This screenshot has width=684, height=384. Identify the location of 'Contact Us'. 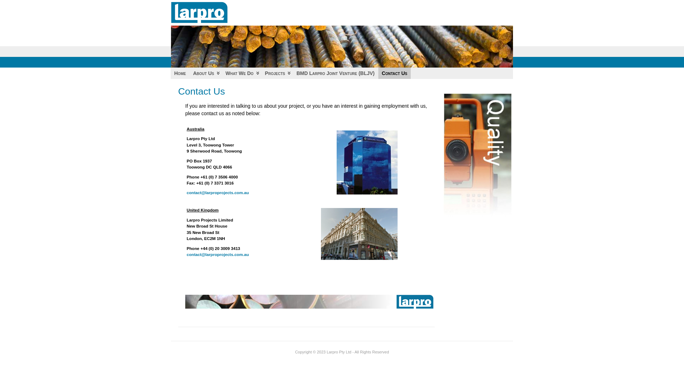
(394, 73).